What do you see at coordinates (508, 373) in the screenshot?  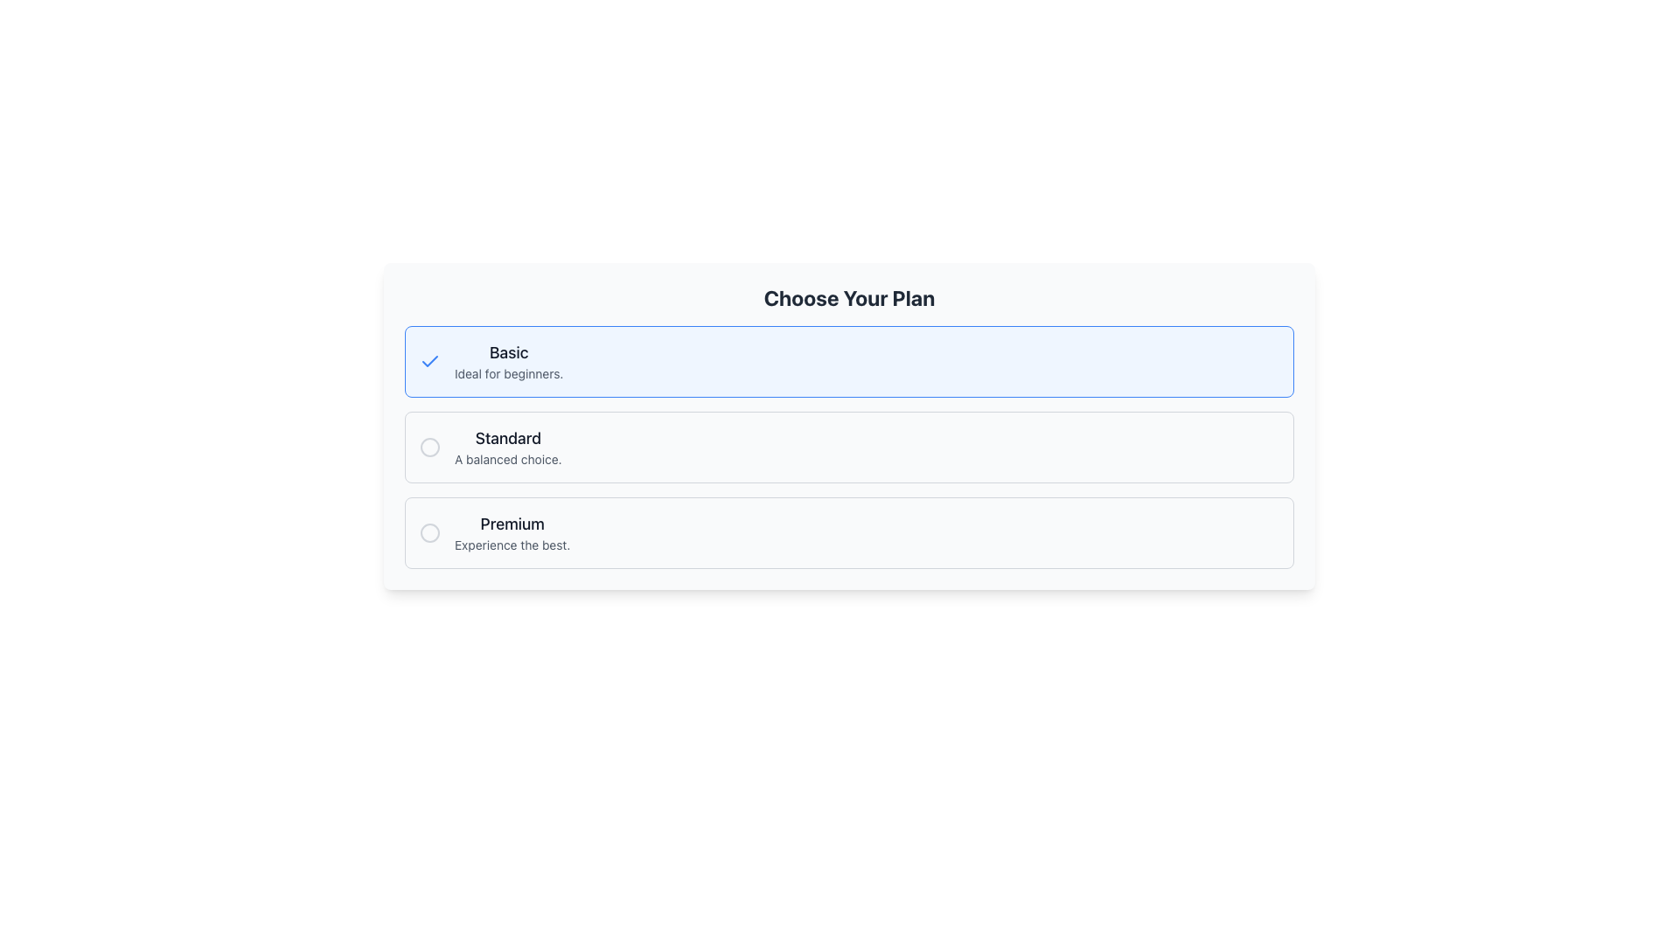 I see `text label that provides a concise description of the 'Basic' plan, located beneath the 'Basic' title in the upper middle section of the interface` at bounding box center [508, 373].